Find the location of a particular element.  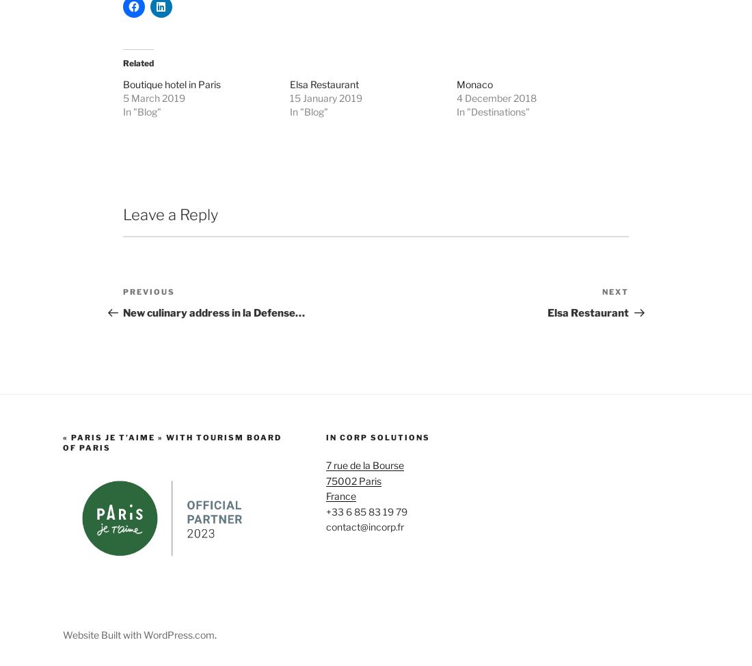

'Reply' is located at coordinates (591, 324).